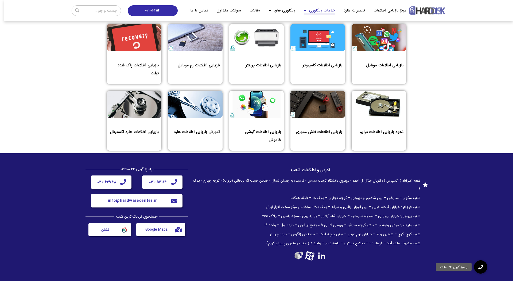  I want to click on 'Search', so click(77, 10).